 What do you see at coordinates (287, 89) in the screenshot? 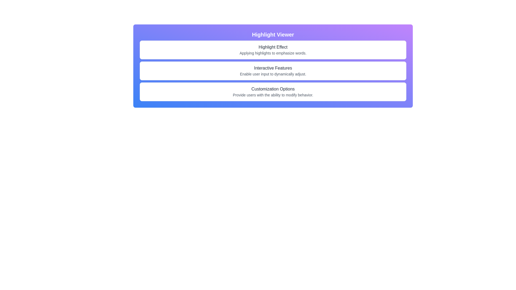
I see `the eighteenth character (the second 'i') in the text 'Customization Options', which is displayed at the bottom section of the interface` at bounding box center [287, 89].